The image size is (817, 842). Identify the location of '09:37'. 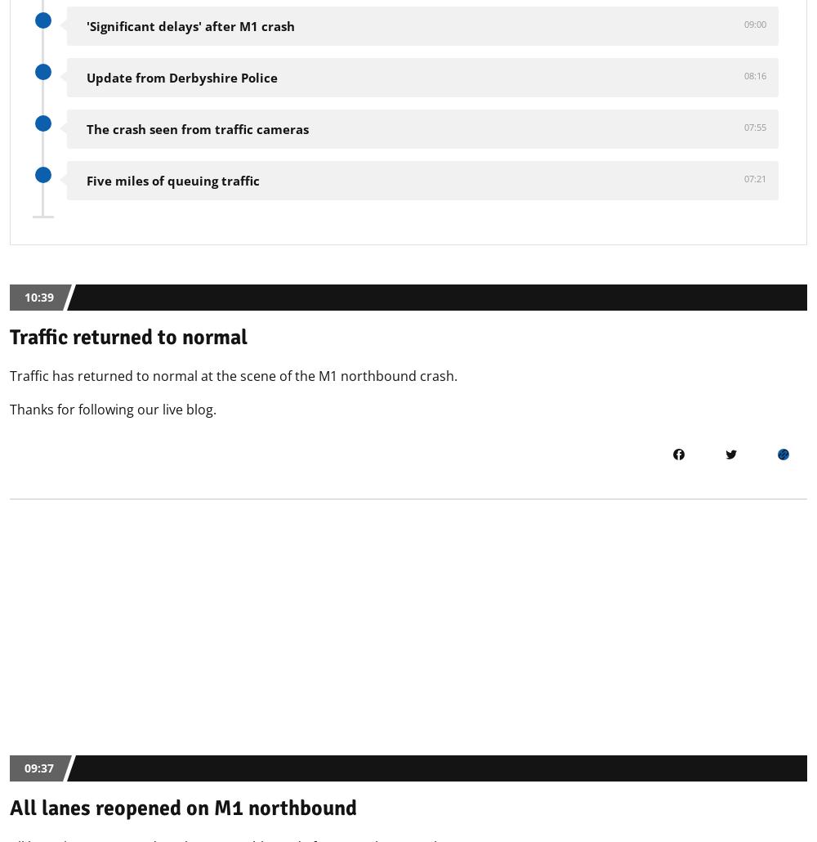
(39, 767).